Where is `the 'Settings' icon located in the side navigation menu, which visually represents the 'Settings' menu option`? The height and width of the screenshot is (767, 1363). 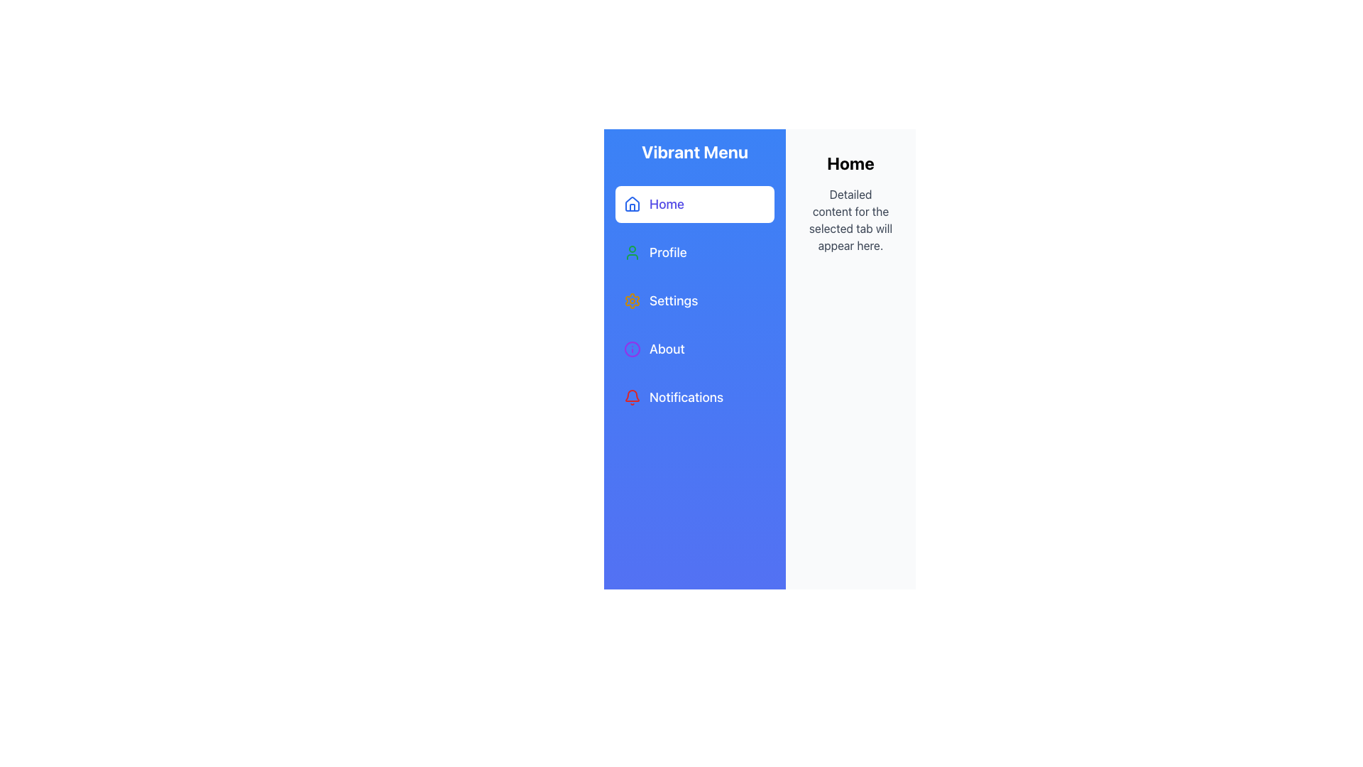 the 'Settings' icon located in the side navigation menu, which visually represents the 'Settings' menu option is located at coordinates (632, 300).